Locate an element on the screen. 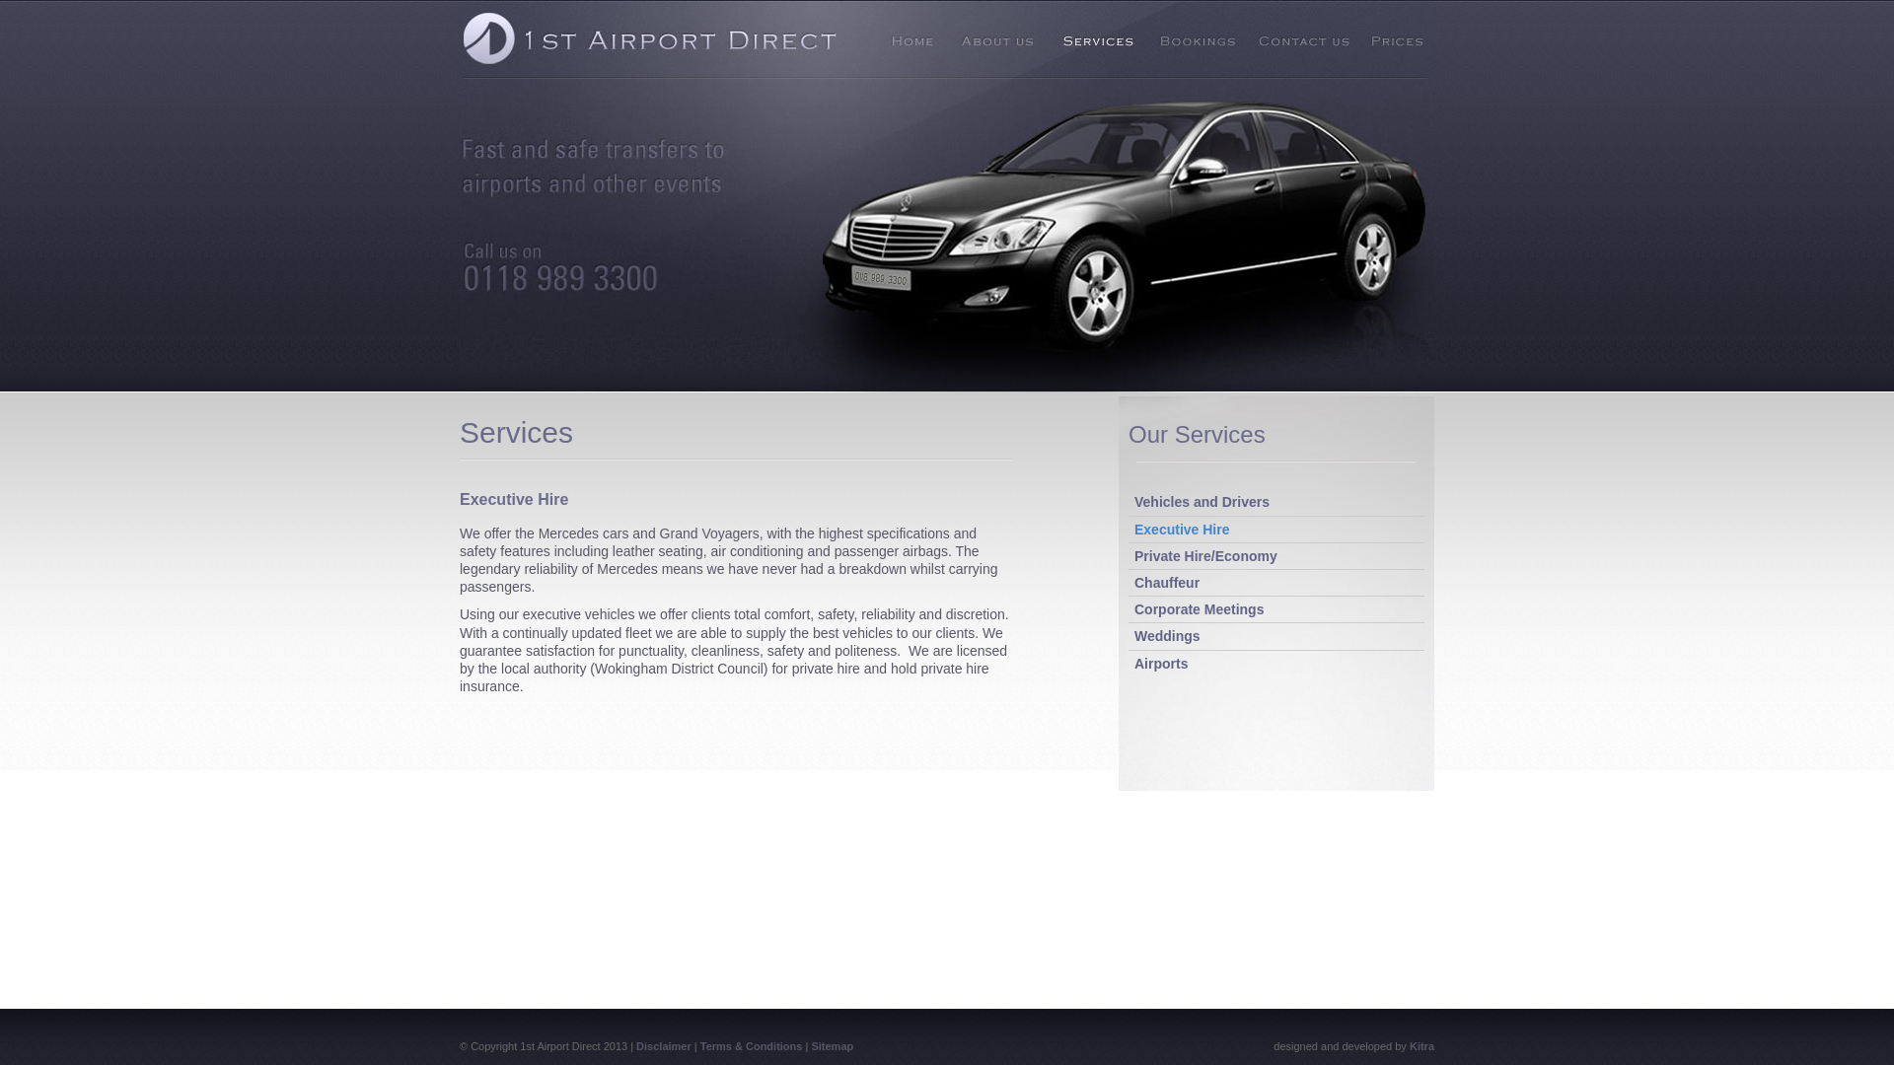  'Weddings' is located at coordinates (1167, 635).